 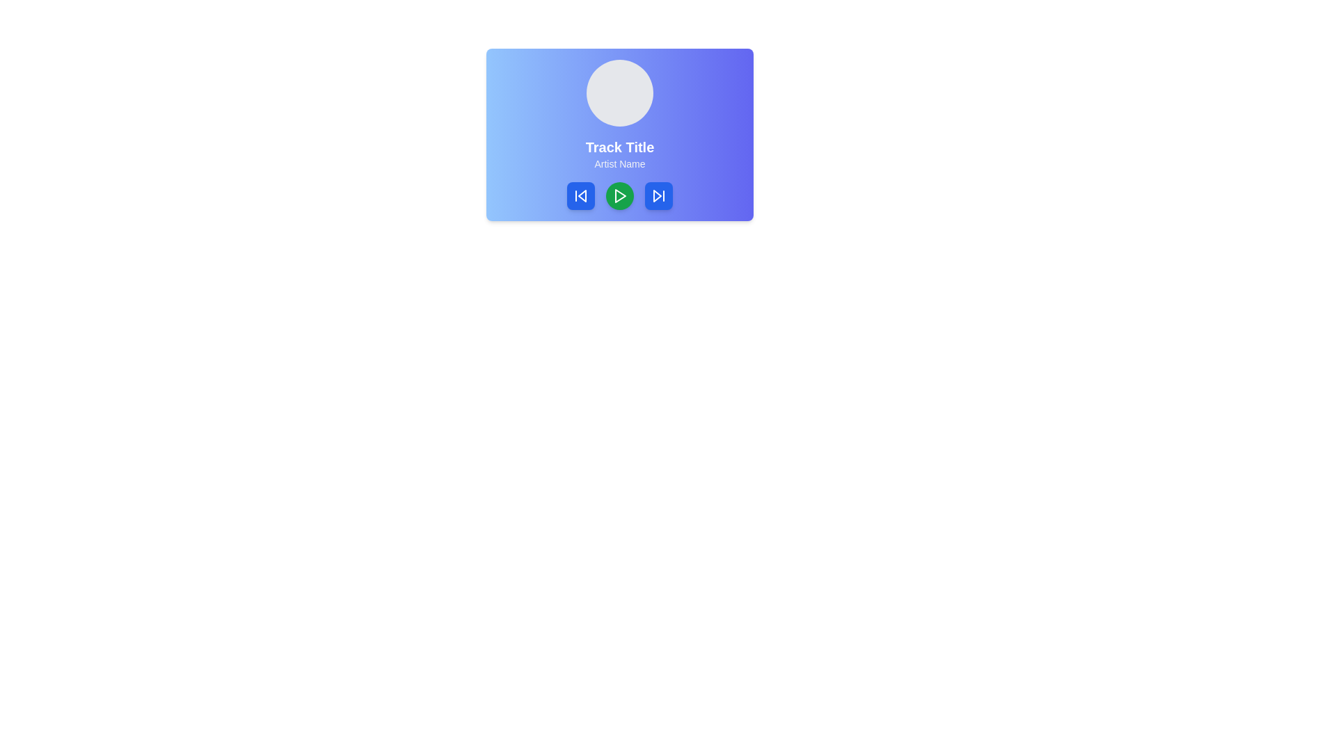 What do you see at coordinates (619, 163) in the screenshot?
I see `the text label displaying 'Artist Name' which is styled in a small gray font and located below the 'Track Title' in a centered layout` at bounding box center [619, 163].